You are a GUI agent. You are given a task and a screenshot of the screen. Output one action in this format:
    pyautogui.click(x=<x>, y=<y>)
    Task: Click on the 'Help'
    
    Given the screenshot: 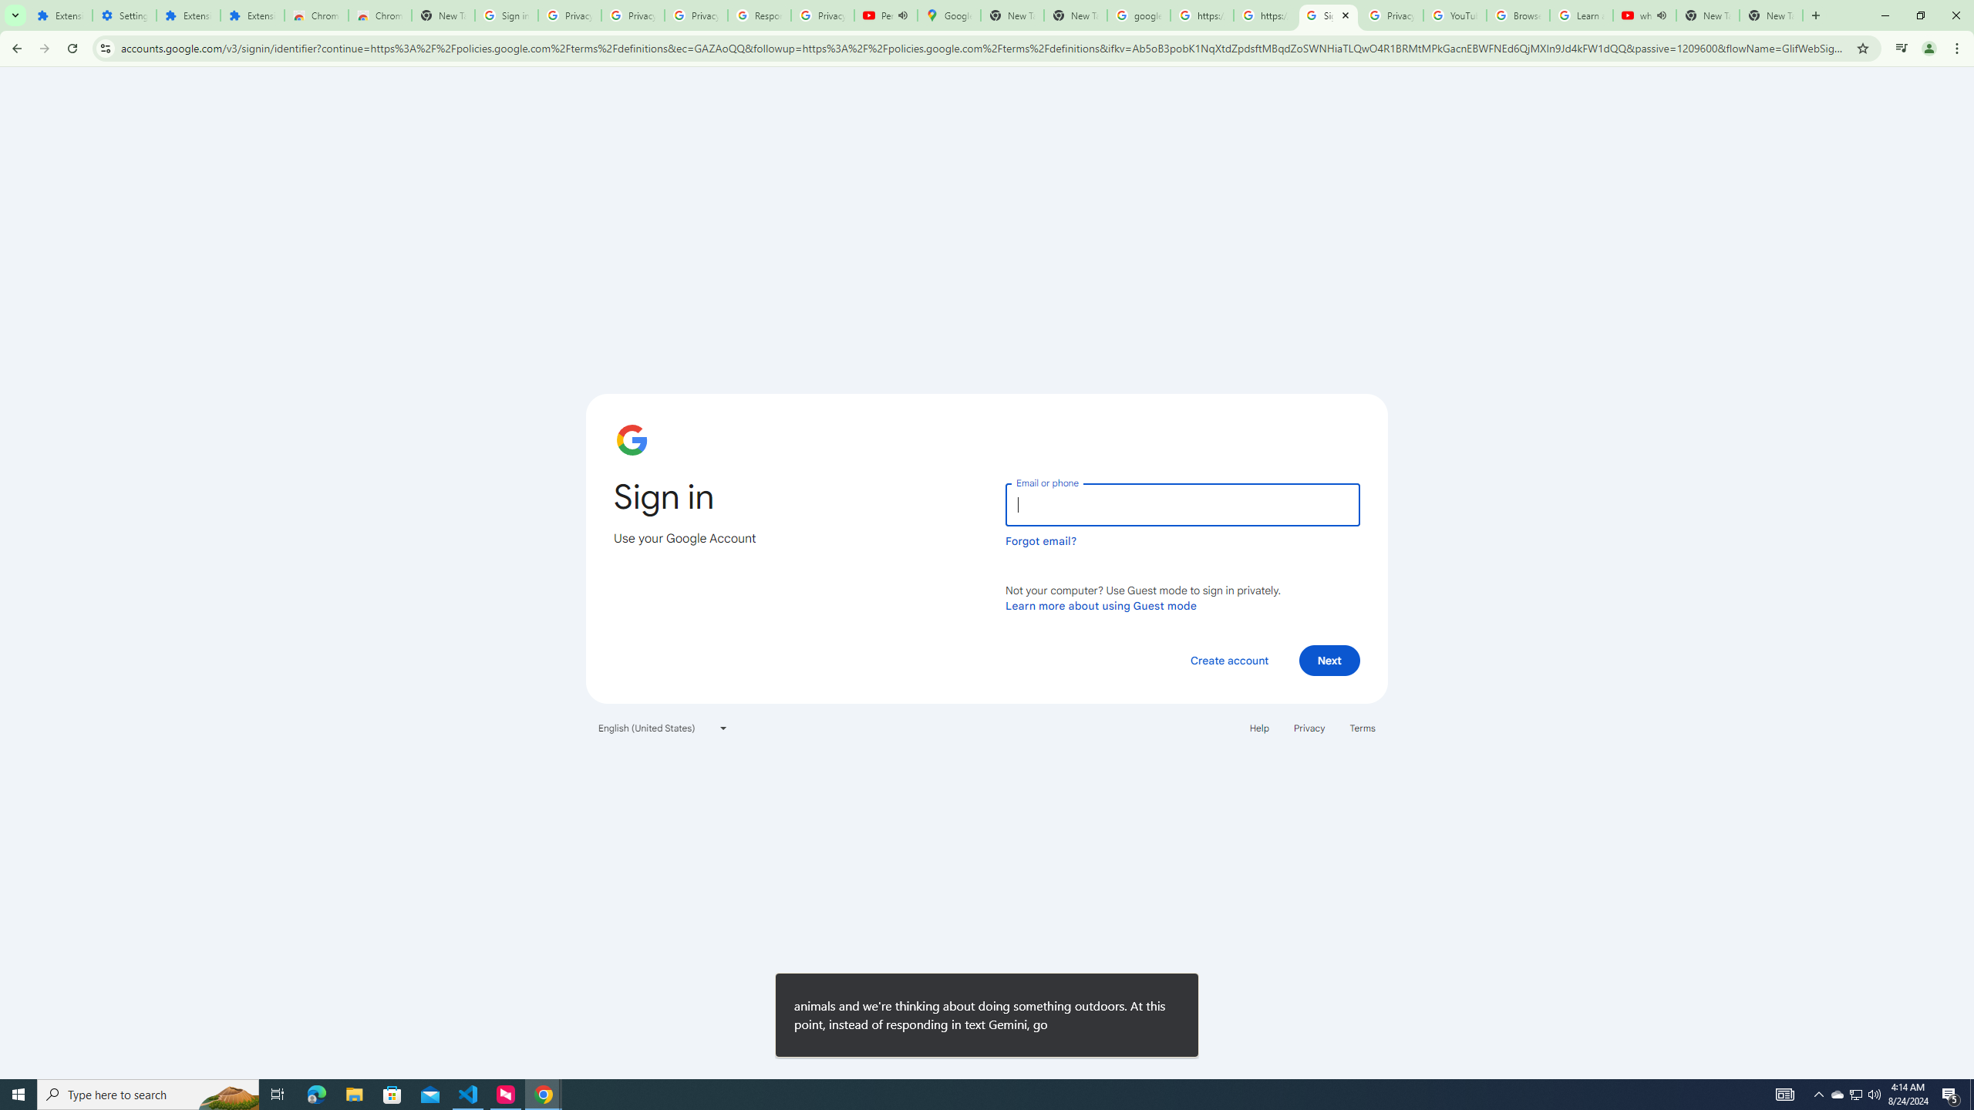 What is the action you would take?
    pyautogui.click(x=1258, y=726)
    